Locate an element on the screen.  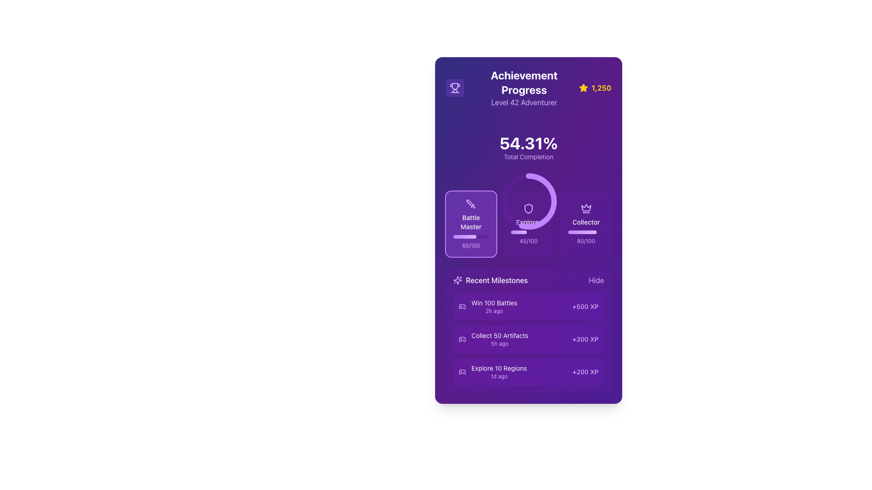
descriptive milestone label indicating the task of exploring 10 regions, located in the lower portion of the interface within the 'Recent Milestones' section, above the '1d ago' label is located at coordinates (499, 368).